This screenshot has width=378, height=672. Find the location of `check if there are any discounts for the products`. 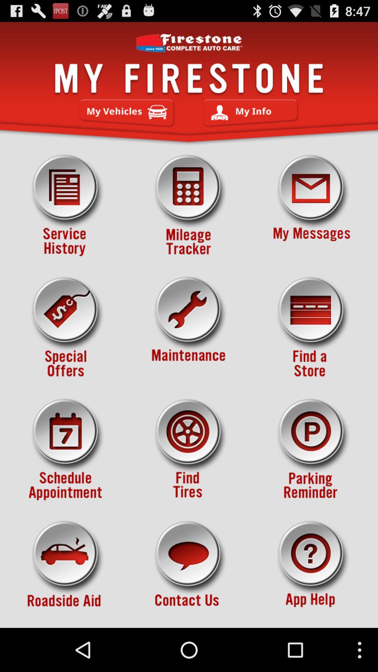

check if there are any discounts for the products is located at coordinates (66, 327).